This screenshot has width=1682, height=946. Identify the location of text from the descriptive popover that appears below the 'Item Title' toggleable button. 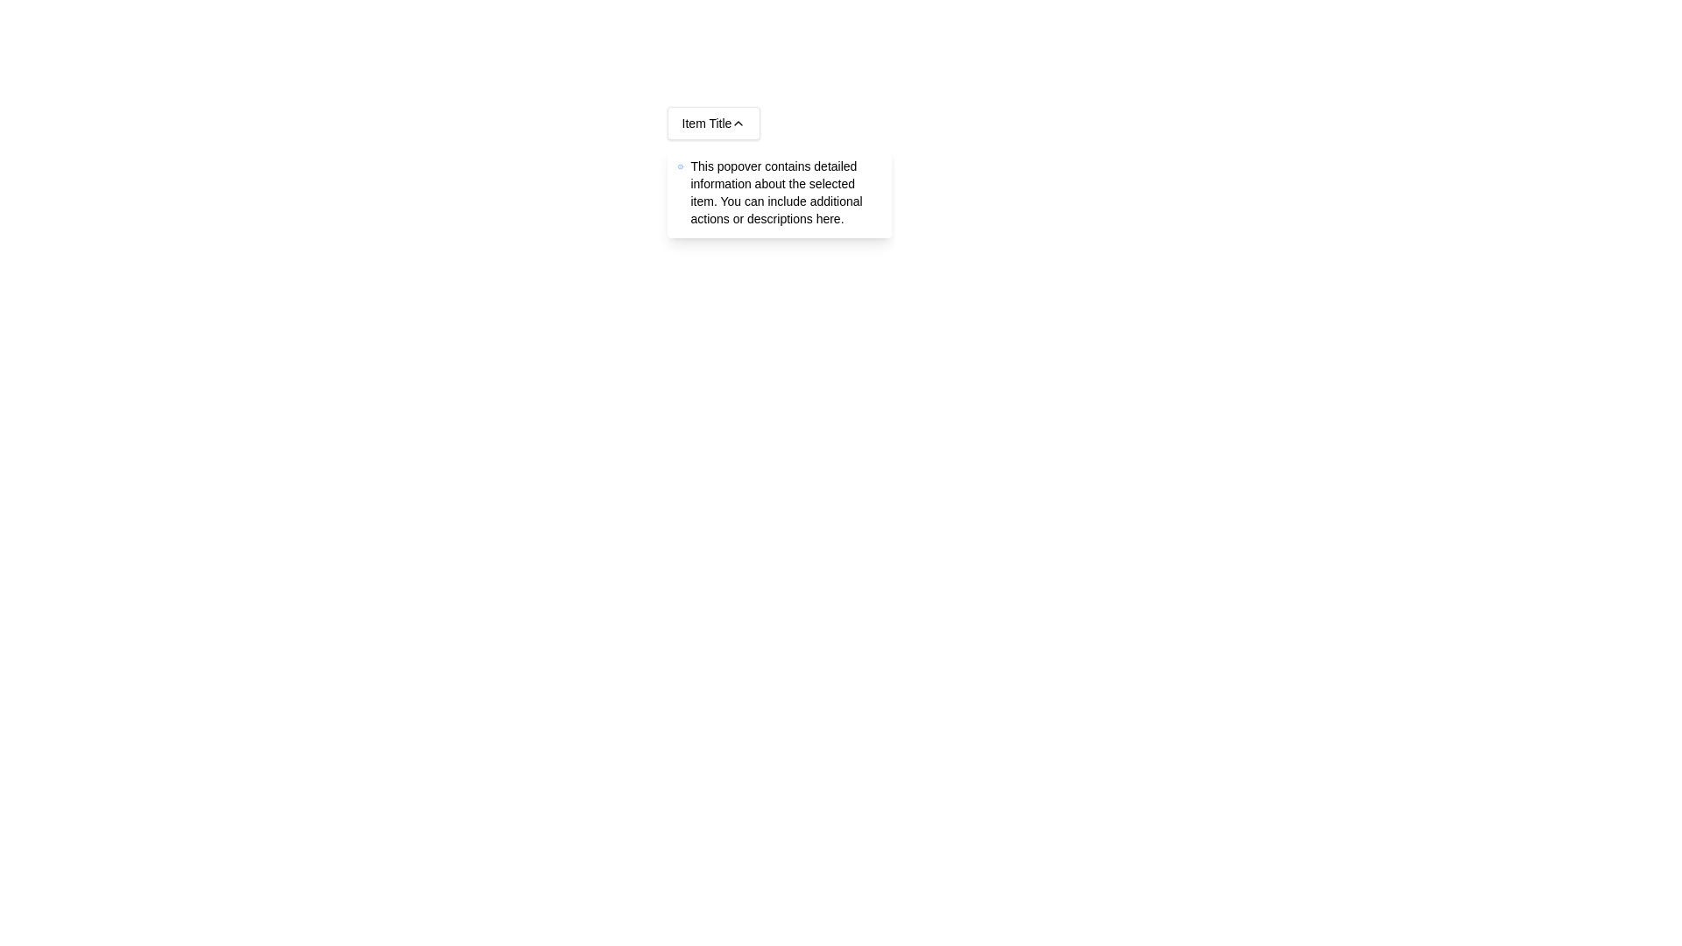
(778, 192).